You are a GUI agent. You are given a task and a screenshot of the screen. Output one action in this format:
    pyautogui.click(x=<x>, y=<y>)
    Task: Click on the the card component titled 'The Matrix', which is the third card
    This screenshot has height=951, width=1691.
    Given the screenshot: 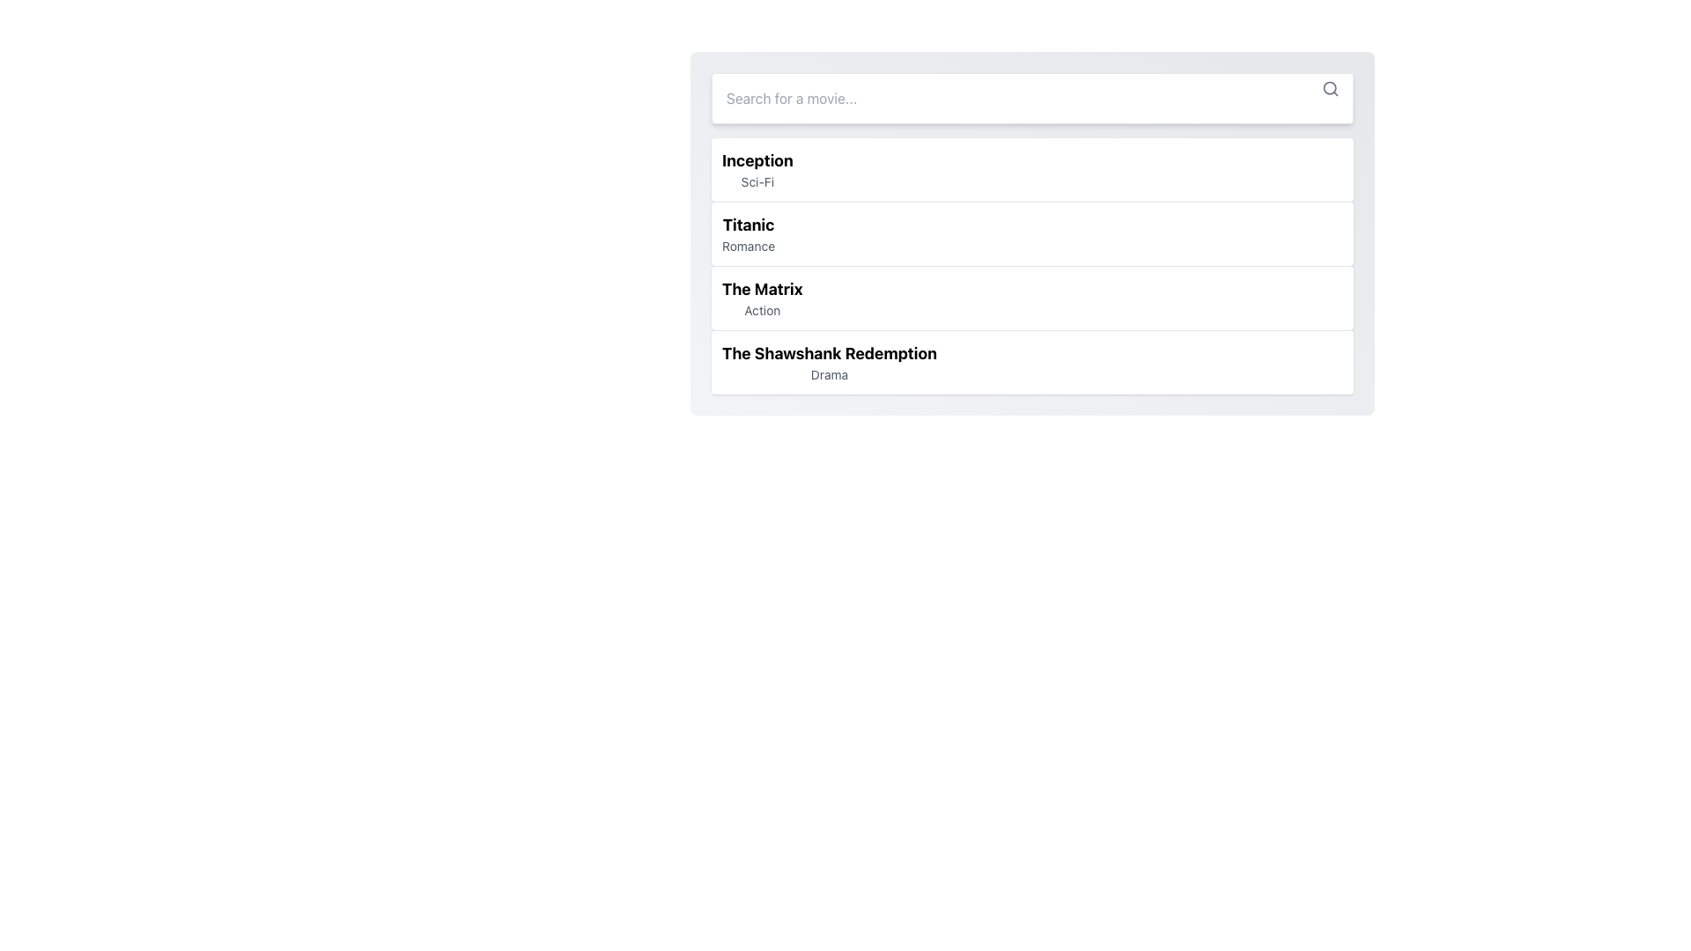 What is the action you would take?
    pyautogui.click(x=1032, y=297)
    